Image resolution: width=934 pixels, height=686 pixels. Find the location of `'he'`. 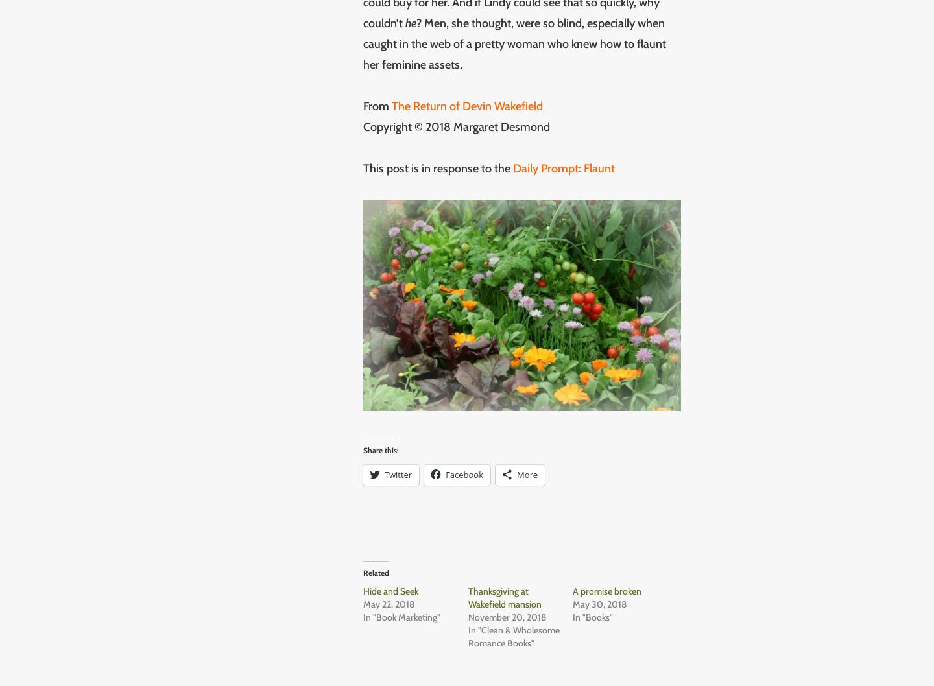

'he' is located at coordinates (410, 23).